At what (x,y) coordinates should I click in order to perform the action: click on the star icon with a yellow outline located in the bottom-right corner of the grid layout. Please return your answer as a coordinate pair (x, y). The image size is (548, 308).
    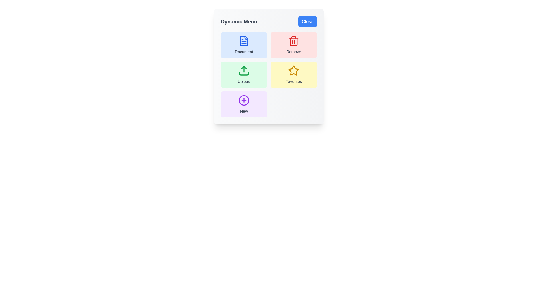
    Looking at the image, I should click on (293, 70).